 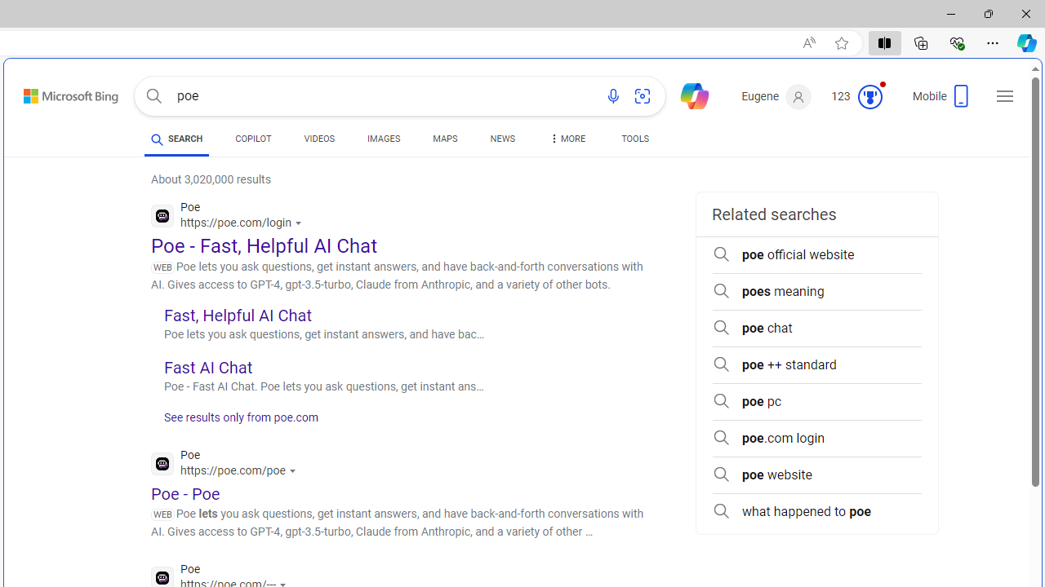 I want to click on 'Global web icon', so click(x=162, y=576).